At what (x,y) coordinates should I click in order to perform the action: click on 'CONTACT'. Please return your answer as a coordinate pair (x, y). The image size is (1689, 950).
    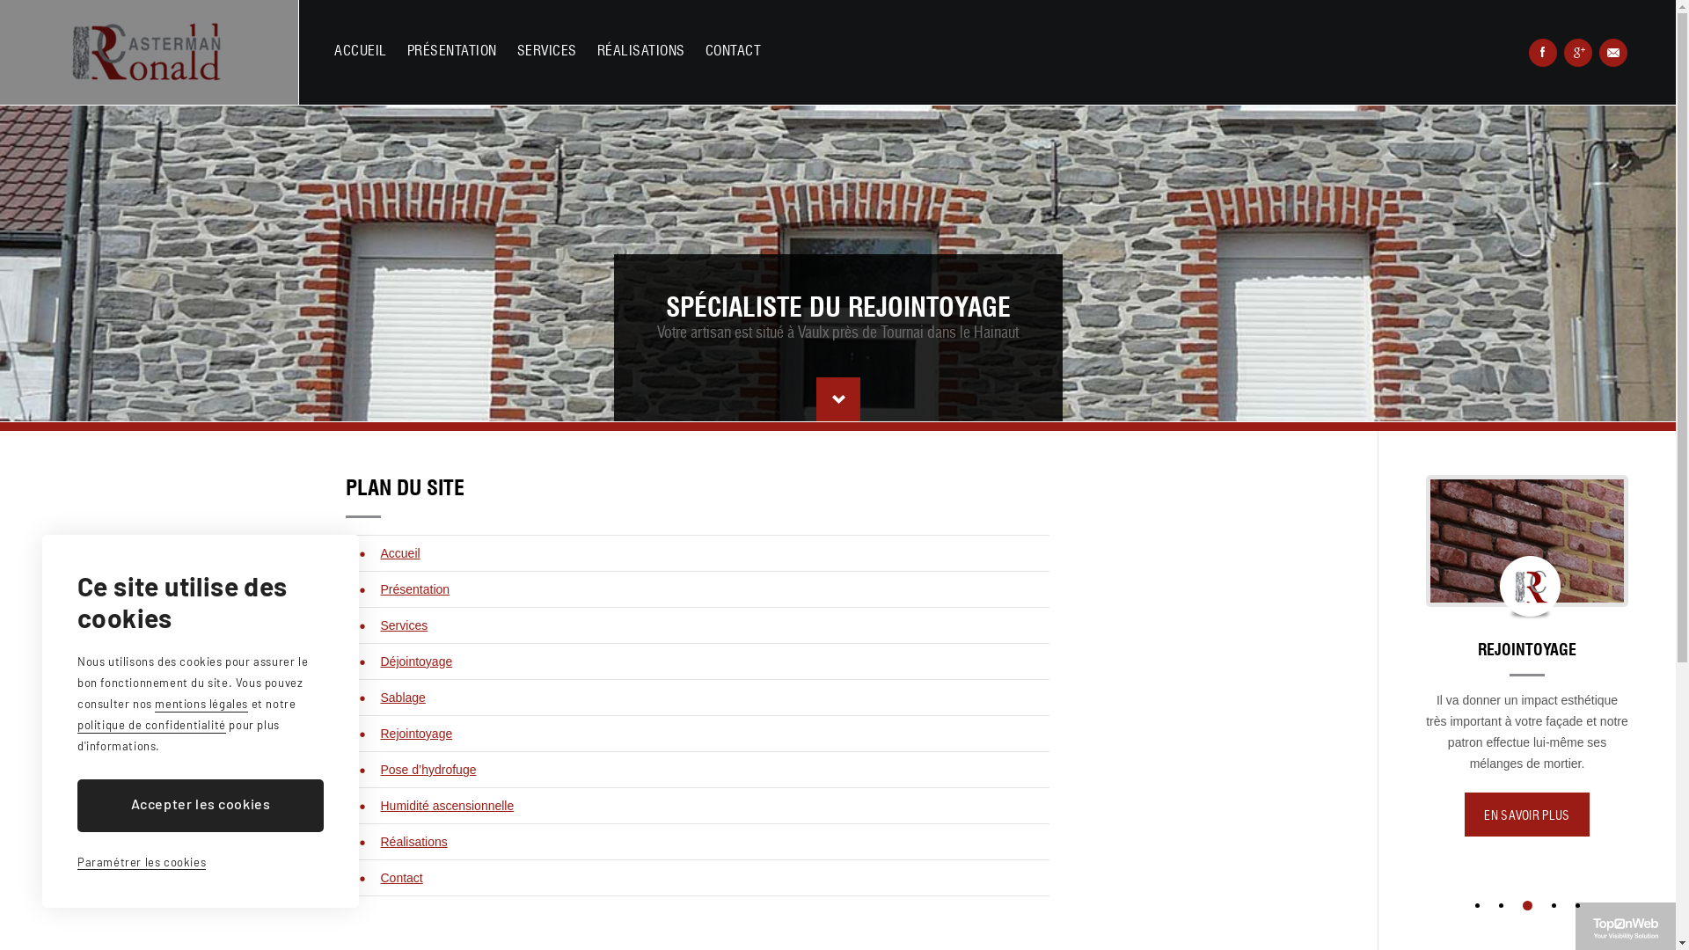
    Looking at the image, I should click on (705, 50).